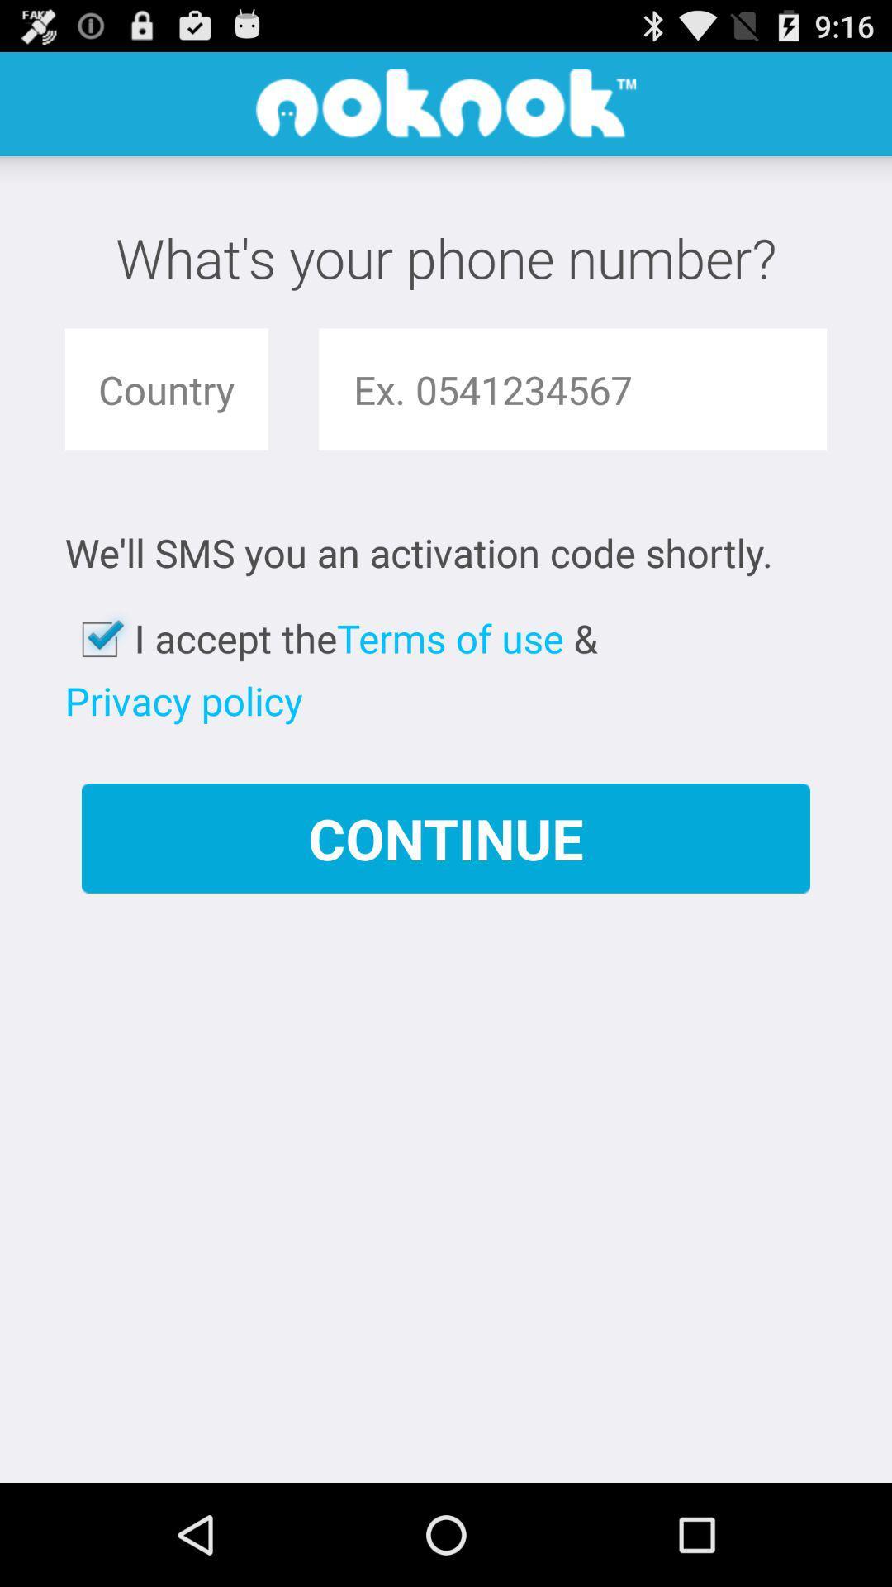 Image resolution: width=892 pixels, height=1587 pixels. What do you see at coordinates (450, 637) in the screenshot?
I see `terms of use` at bounding box center [450, 637].